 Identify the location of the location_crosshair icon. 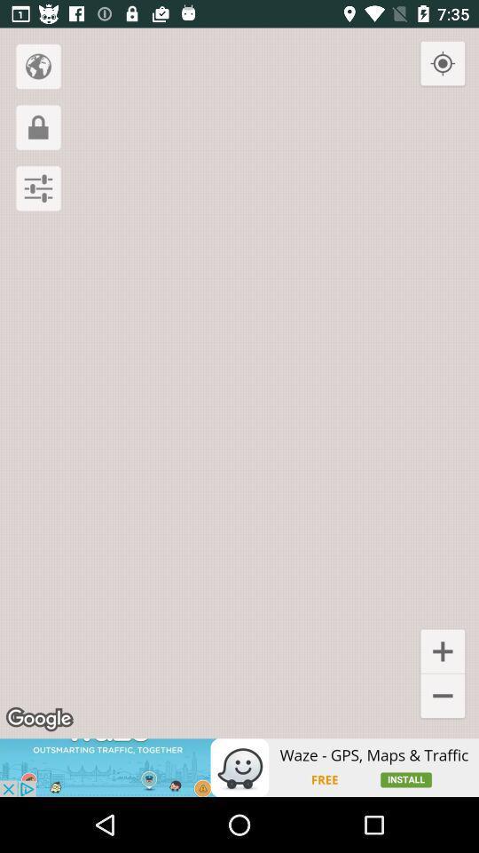
(442, 64).